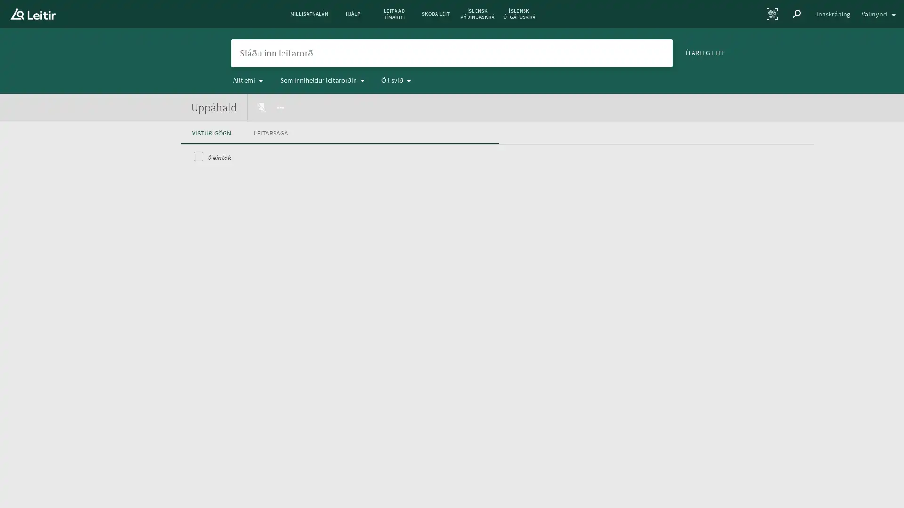  I want to click on Veldu siu(r) og smelltu a leita, so click(661, 52).